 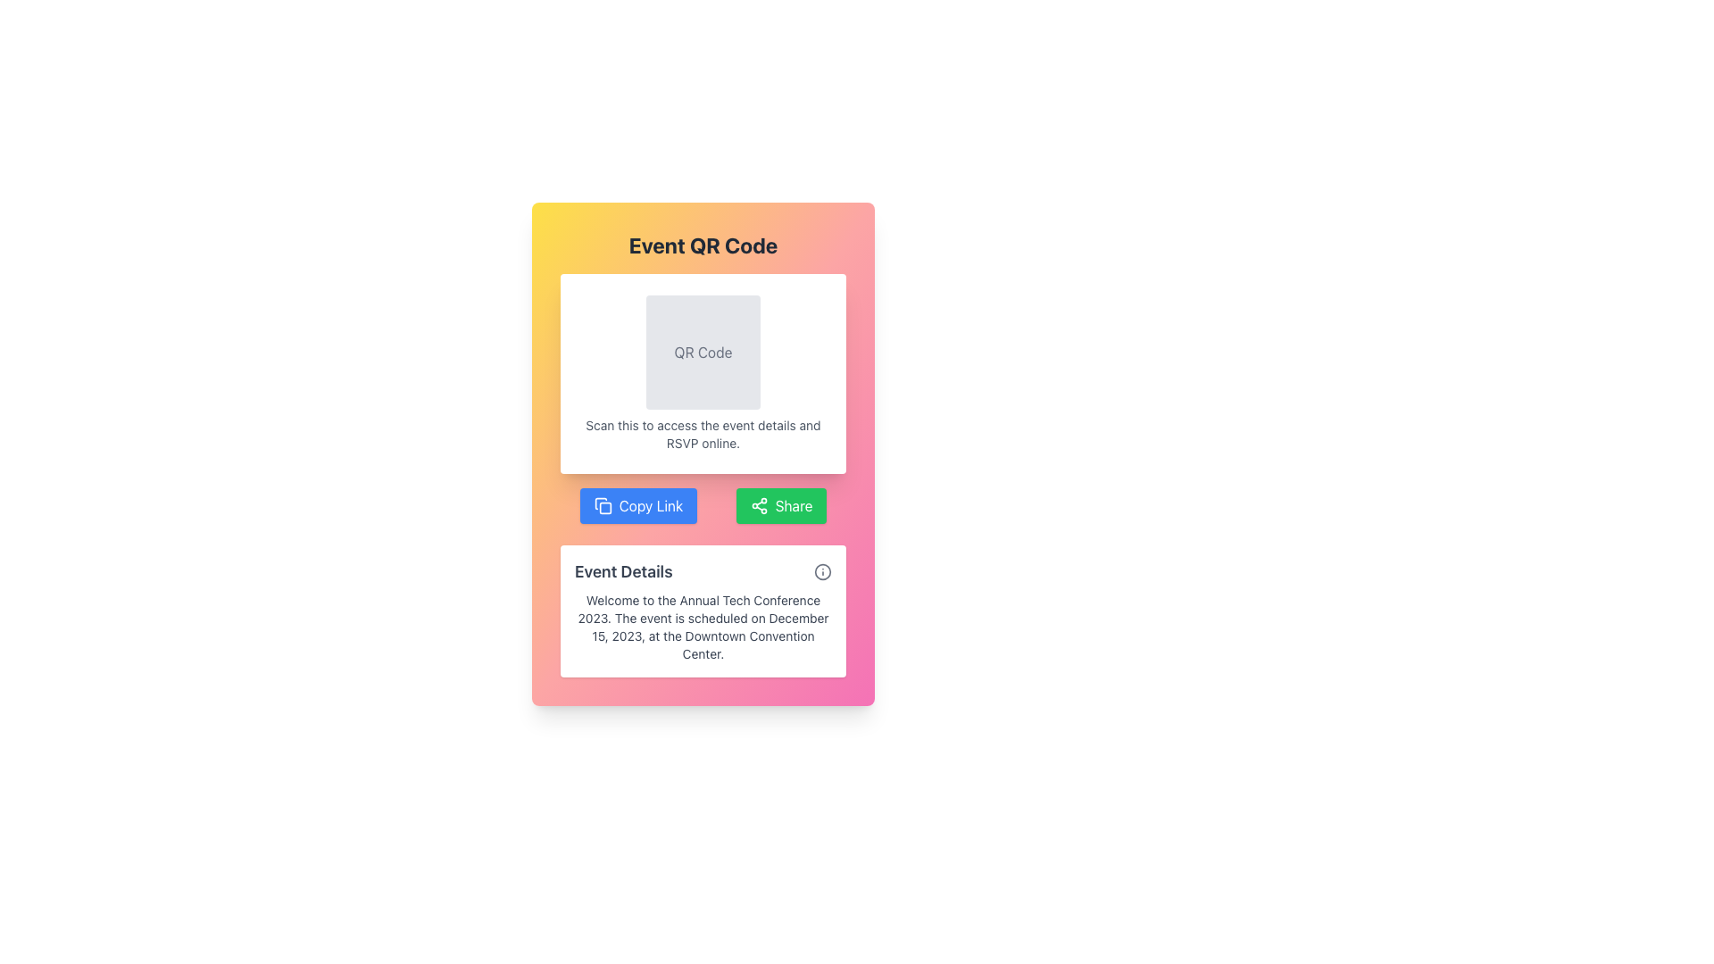 What do you see at coordinates (702, 611) in the screenshot?
I see `the Informational Text Block that provides details about the Annual Tech Conference 2023, located beneath the 'Copy Link' and 'Share' buttons` at bounding box center [702, 611].